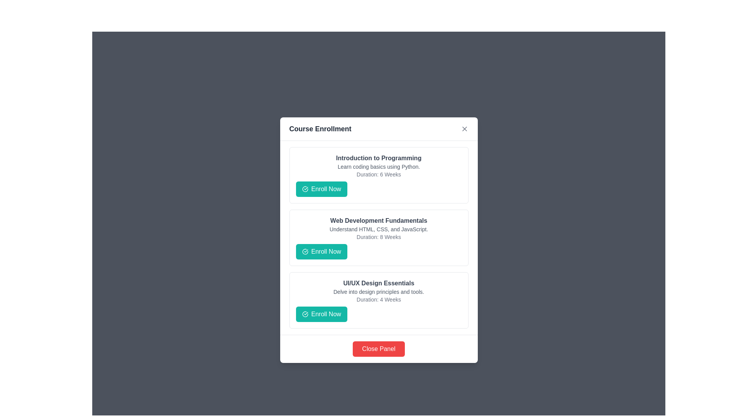  Describe the element at coordinates (379, 349) in the screenshot. I see `the button located at the bottom of the 'Course Enrollment' panel` at that location.